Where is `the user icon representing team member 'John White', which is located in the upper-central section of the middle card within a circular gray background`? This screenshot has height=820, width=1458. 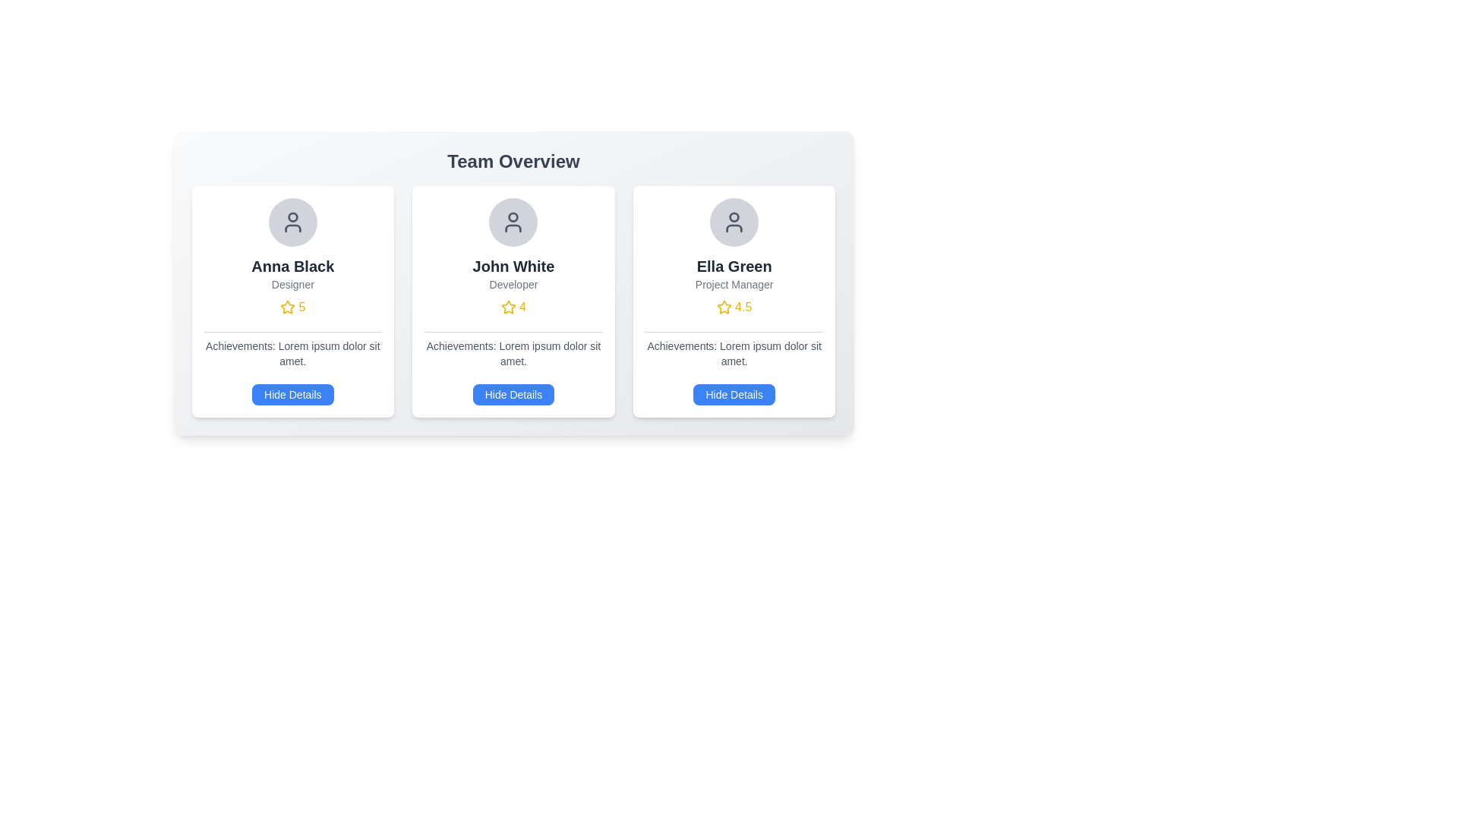 the user icon representing team member 'John White', which is located in the upper-central section of the middle card within a circular gray background is located at coordinates (513, 222).